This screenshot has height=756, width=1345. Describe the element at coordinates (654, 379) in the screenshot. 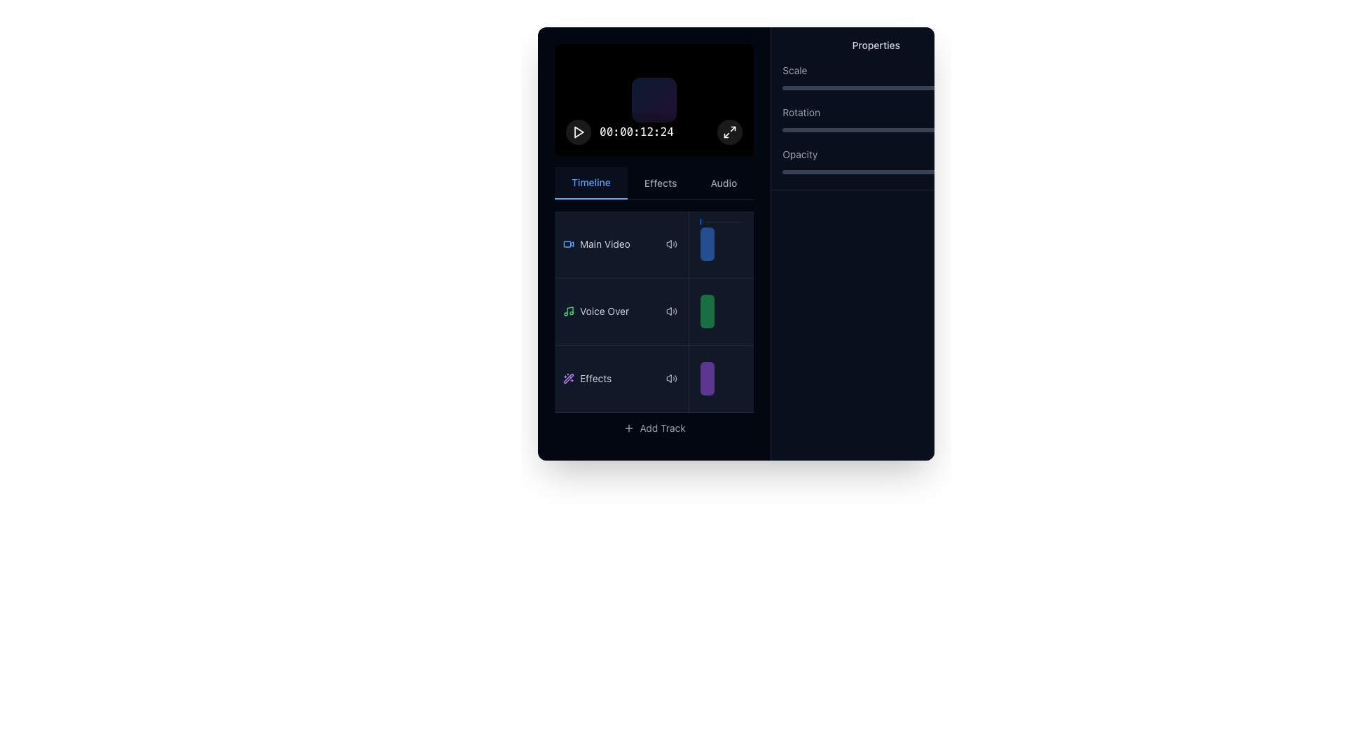

I see `the 'Effects' horizontal list item located` at that location.